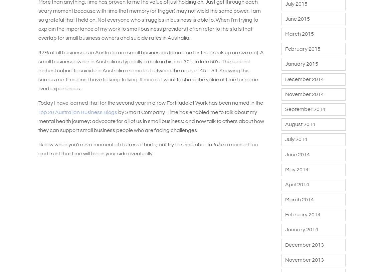 The image size is (384, 272). What do you see at coordinates (284, 154) in the screenshot?
I see `'June 2014'` at bounding box center [284, 154].